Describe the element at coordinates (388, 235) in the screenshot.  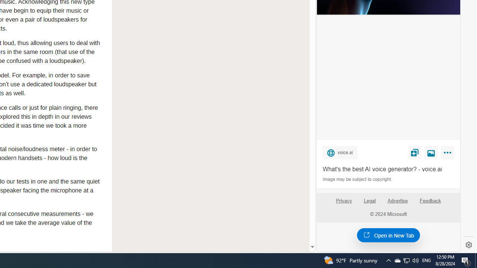
I see `'Open in New Tab'` at that location.